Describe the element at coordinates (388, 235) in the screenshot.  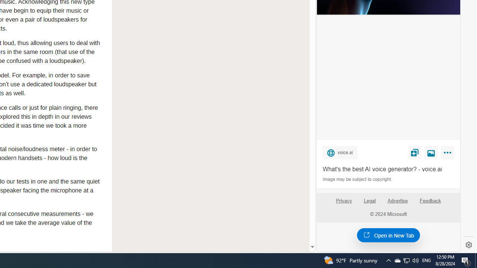
I see `'Open in New Tab'` at that location.